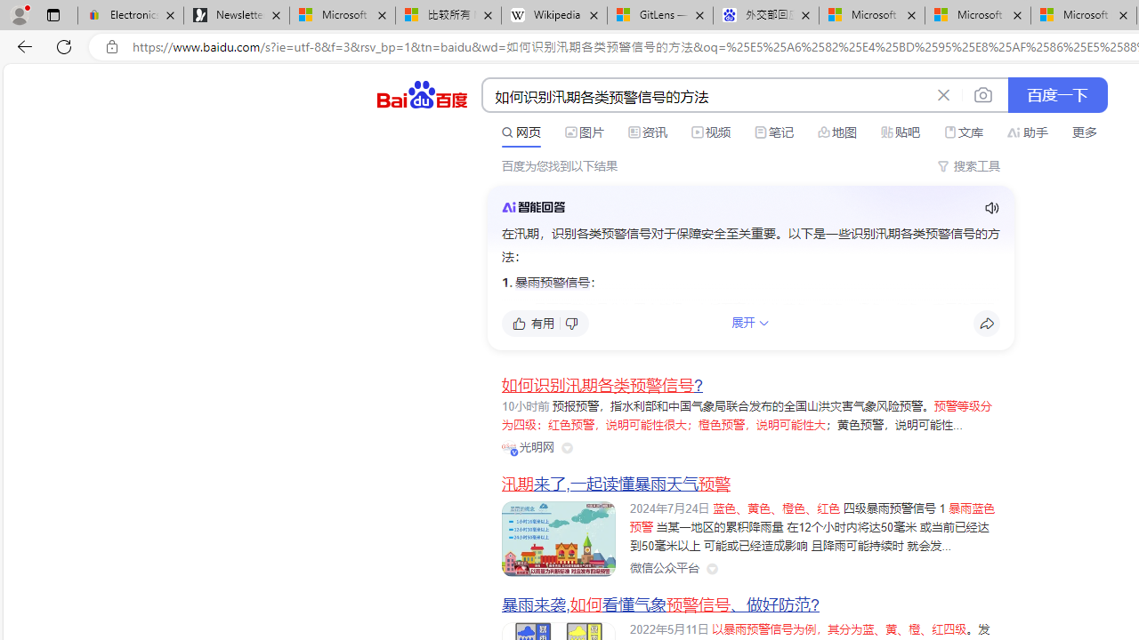 The width and height of the screenshot is (1139, 640). I want to click on 'Class: sc-audio-svg _pause-icon_13ucw_87', so click(990, 207).